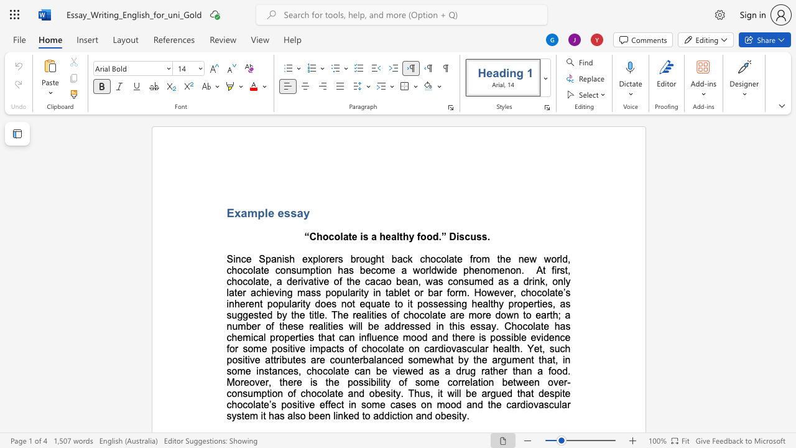 This screenshot has height=448, width=796. Describe the element at coordinates (334, 304) in the screenshot. I see `the 8th character "s" in the text` at that location.